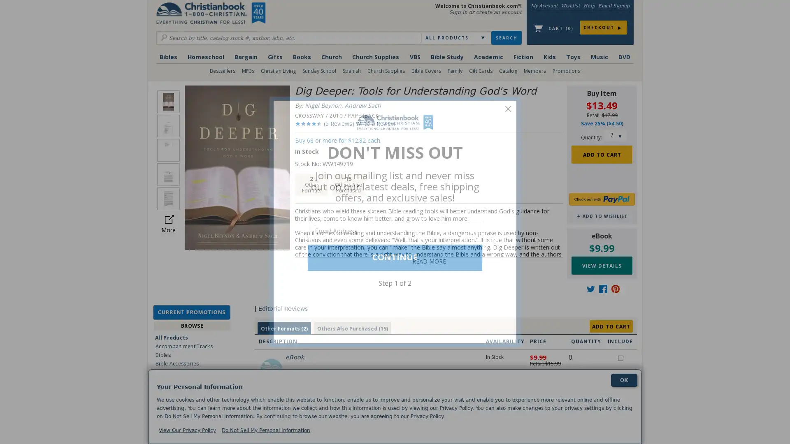 The height and width of the screenshot is (444, 790). What do you see at coordinates (611, 326) in the screenshot?
I see `ADD TO CART` at bounding box center [611, 326].